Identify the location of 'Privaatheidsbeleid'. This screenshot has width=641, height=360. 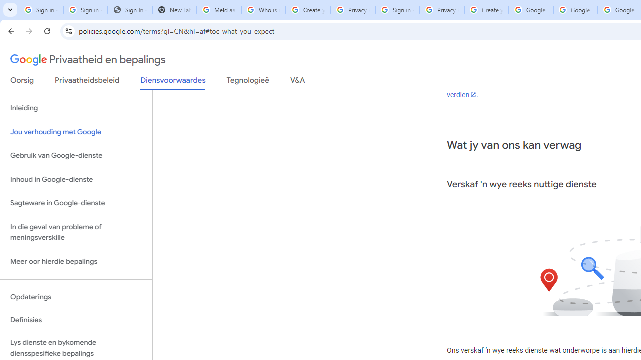
(87, 82).